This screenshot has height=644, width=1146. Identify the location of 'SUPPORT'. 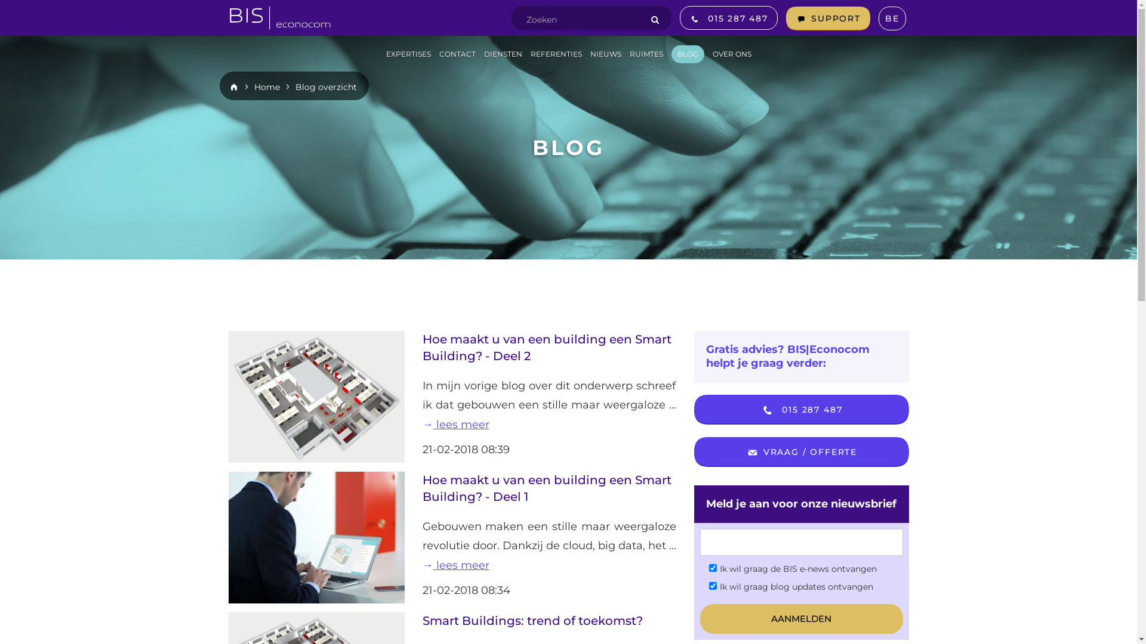
(827, 18).